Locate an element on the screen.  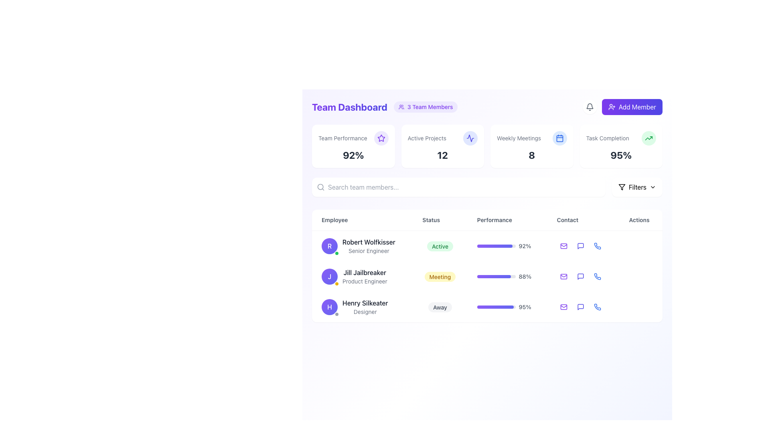
the progress bar displaying approximately 88% progress, which is part of the performance indicator for 'Jill Jailbreaker' is located at coordinates (493, 276).